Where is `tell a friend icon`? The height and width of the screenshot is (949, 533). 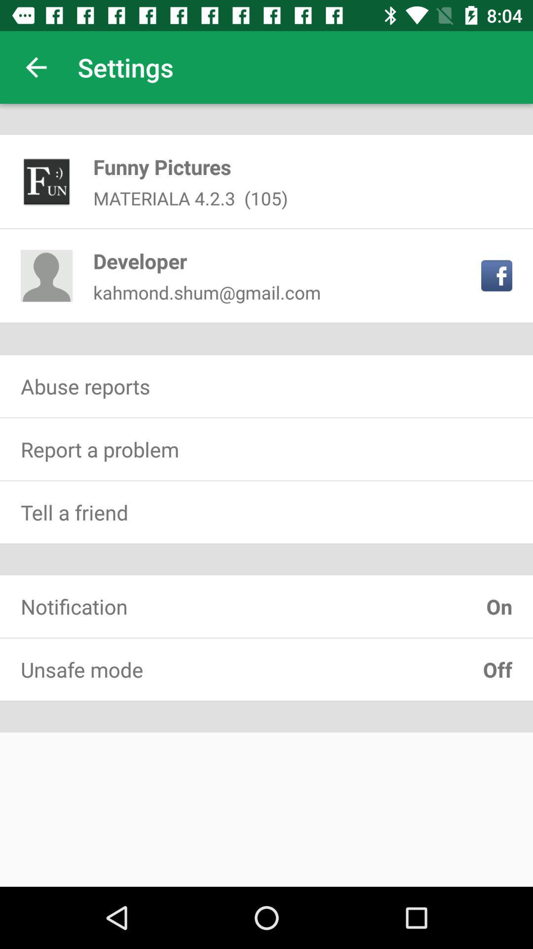 tell a friend icon is located at coordinates (266, 512).